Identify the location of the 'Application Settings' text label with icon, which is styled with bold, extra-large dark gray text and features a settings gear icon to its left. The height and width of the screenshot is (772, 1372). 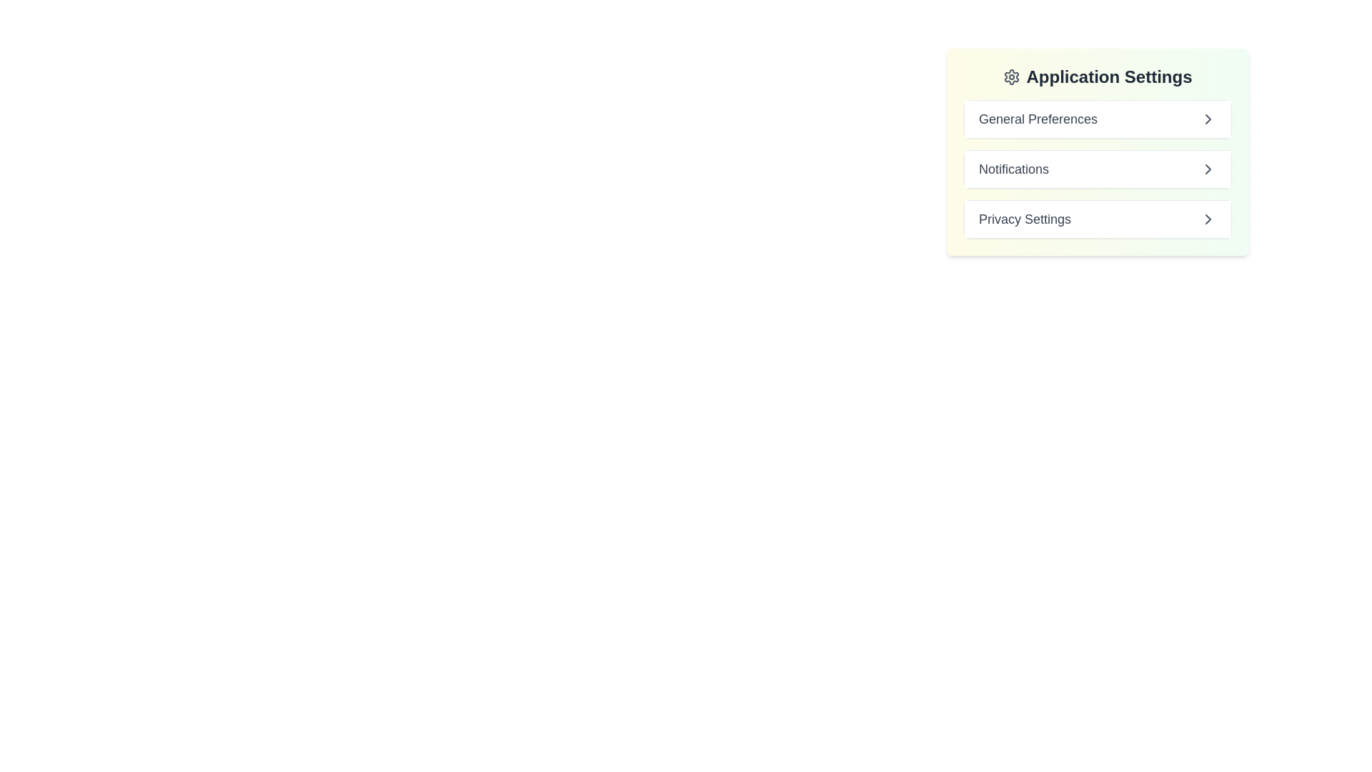
(1097, 77).